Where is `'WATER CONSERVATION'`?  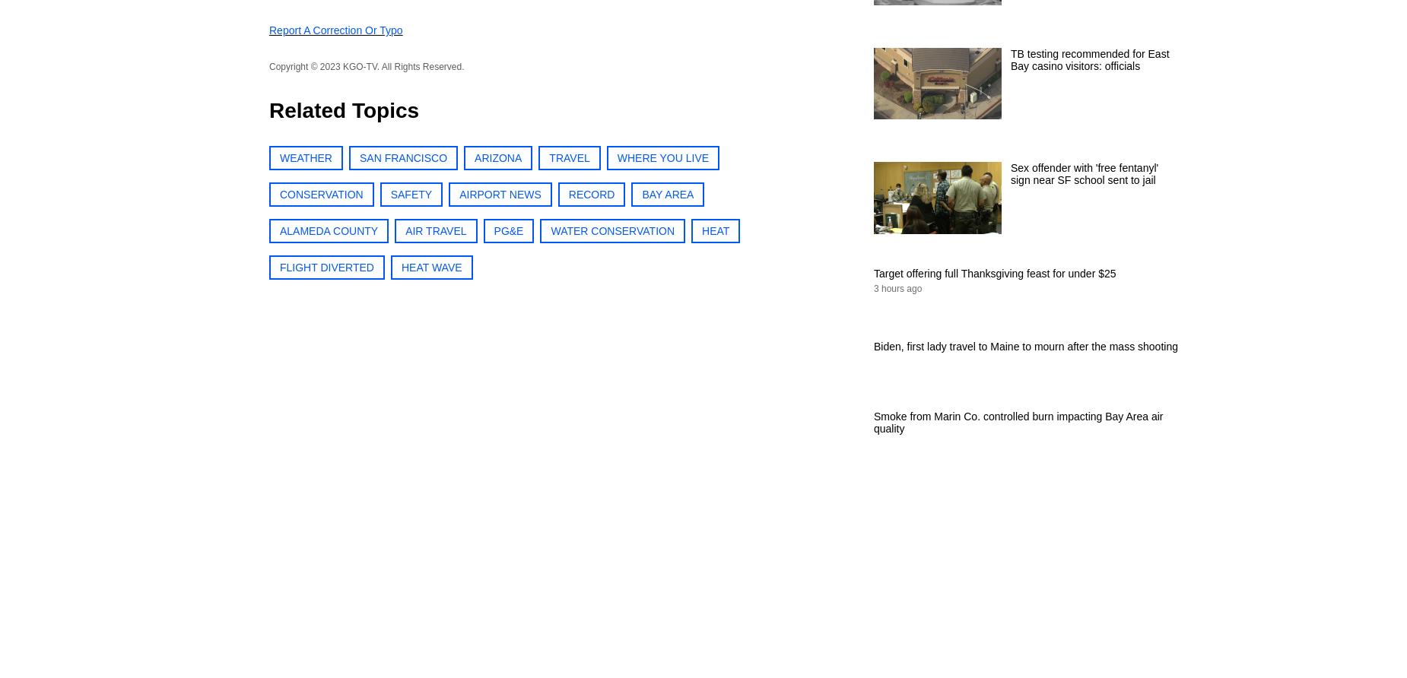 'WATER CONSERVATION' is located at coordinates (612, 230).